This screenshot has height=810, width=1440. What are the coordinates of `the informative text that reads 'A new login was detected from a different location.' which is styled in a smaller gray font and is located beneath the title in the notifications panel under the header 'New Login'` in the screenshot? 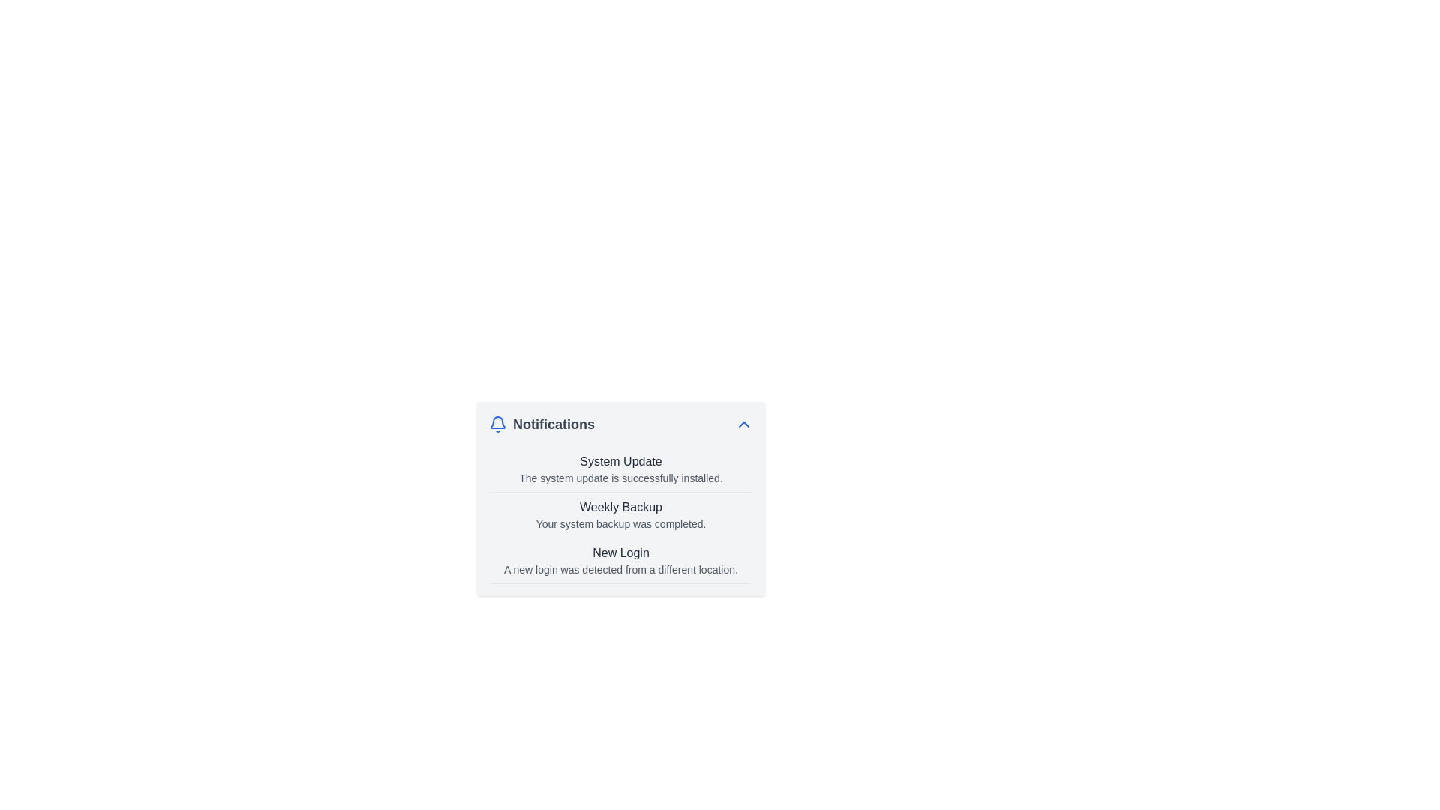 It's located at (621, 569).